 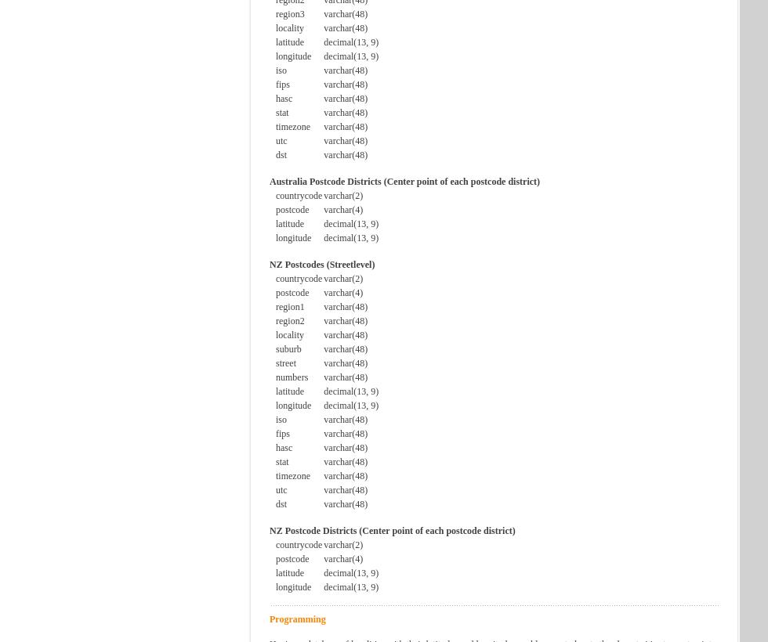 I want to click on 'NZ Postcodes (Streetlevel)', so click(x=322, y=264).